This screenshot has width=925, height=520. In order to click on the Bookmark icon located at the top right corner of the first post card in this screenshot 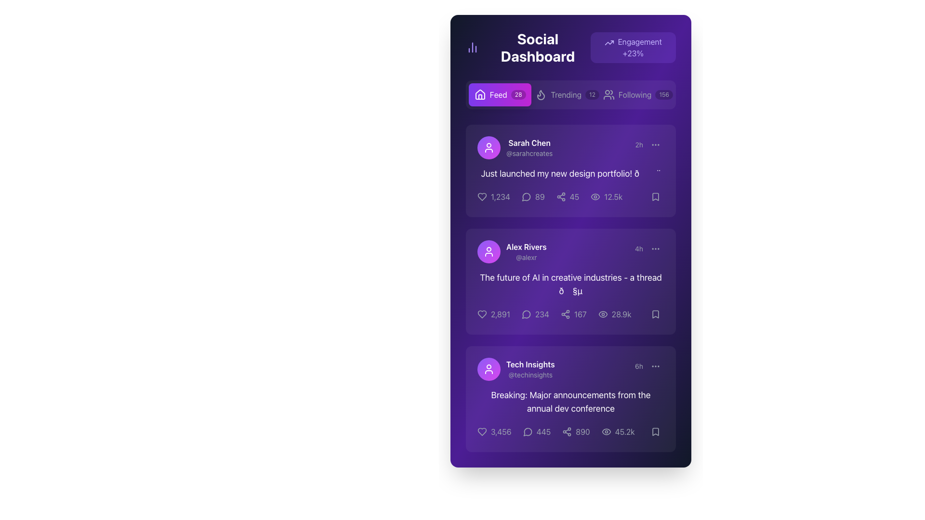, I will do `click(655, 196)`.